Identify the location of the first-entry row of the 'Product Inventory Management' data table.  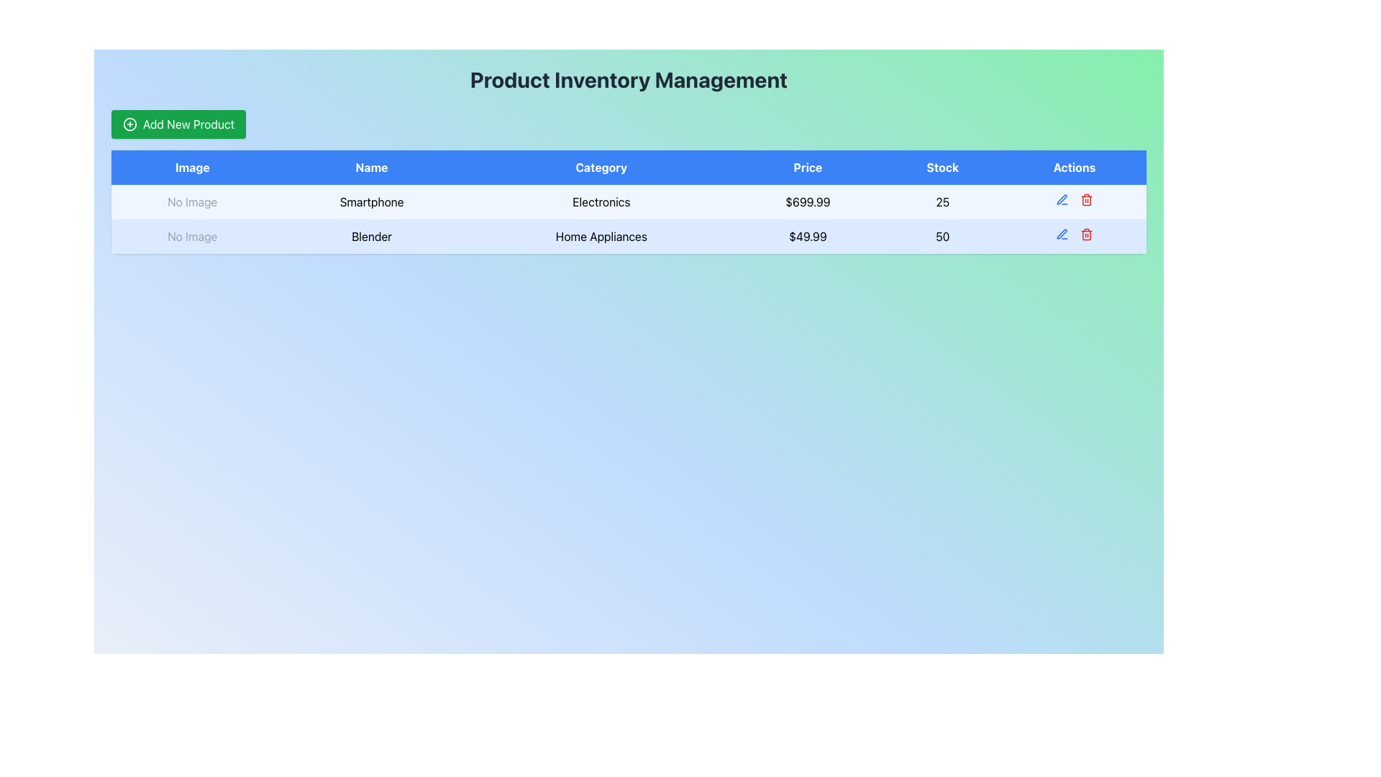
(629, 202).